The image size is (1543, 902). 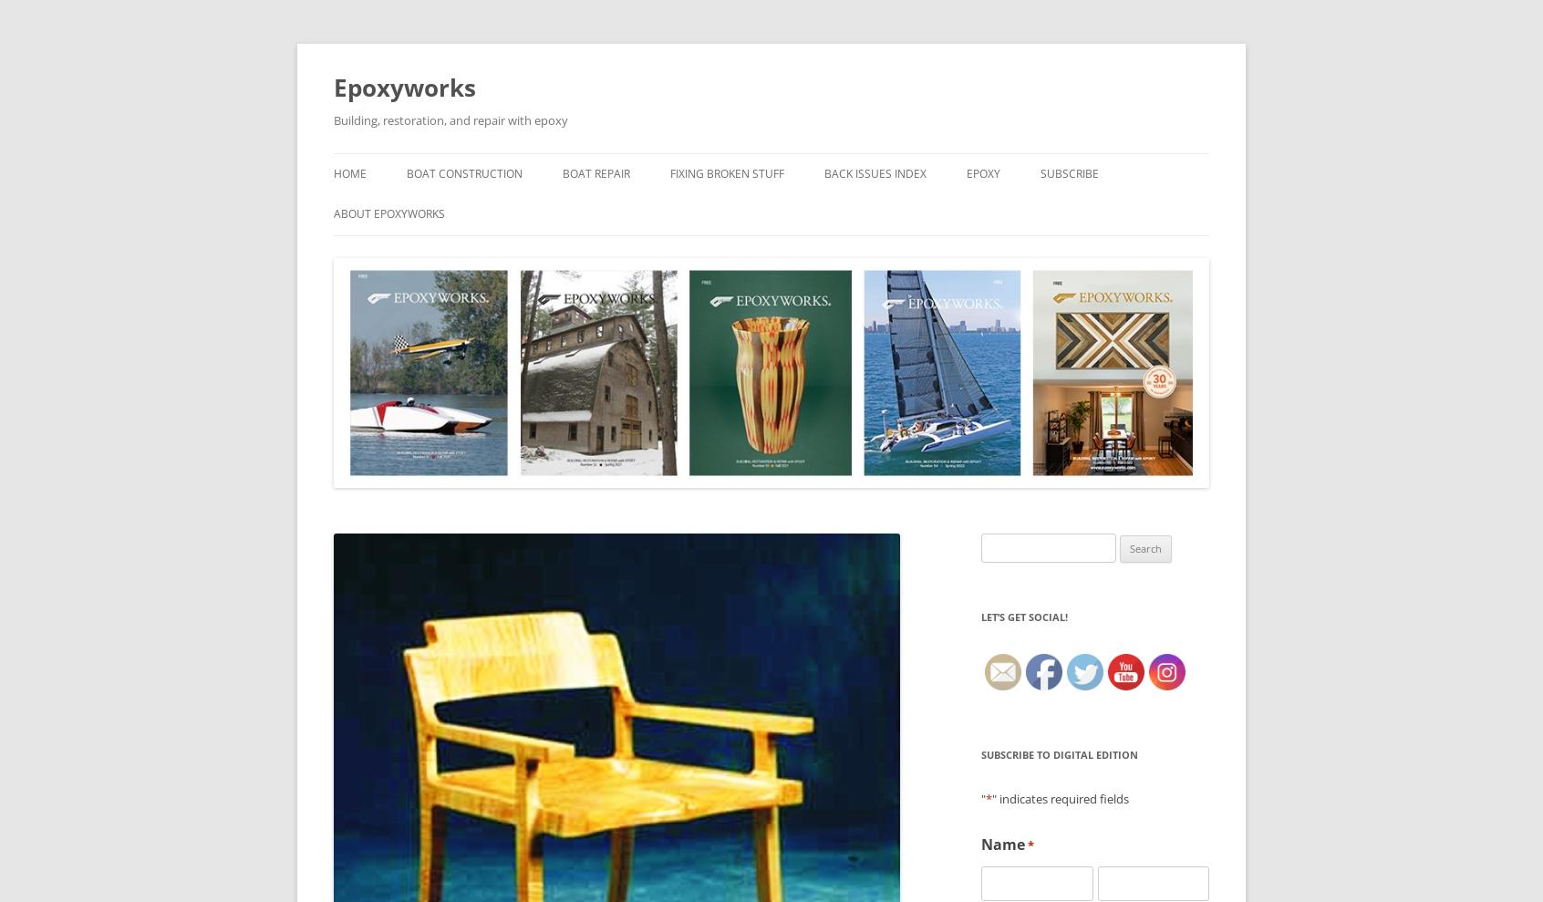 I want to click on 'Boat Repair', so click(x=595, y=173).